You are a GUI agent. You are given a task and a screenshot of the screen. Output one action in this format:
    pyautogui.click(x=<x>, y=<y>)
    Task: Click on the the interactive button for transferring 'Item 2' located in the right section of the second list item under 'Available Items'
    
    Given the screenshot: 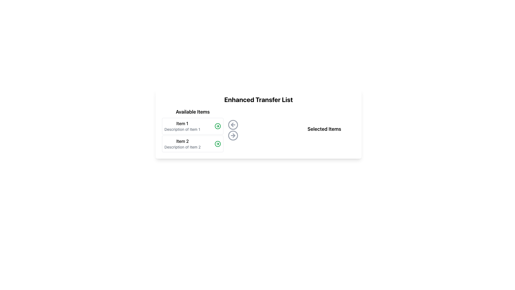 What is the action you would take?
    pyautogui.click(x=218, y=144)
    